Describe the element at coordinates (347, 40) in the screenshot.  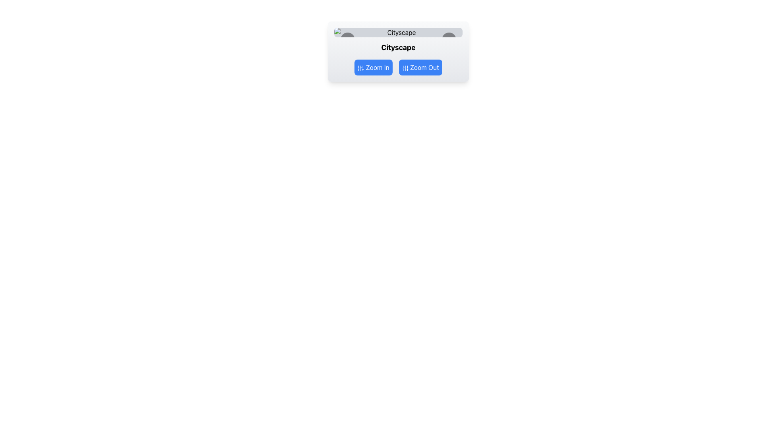
I see `the circular button with a black background and left-facing chevron icon, located in the carousel interface to the left of the displayed image` at that location.